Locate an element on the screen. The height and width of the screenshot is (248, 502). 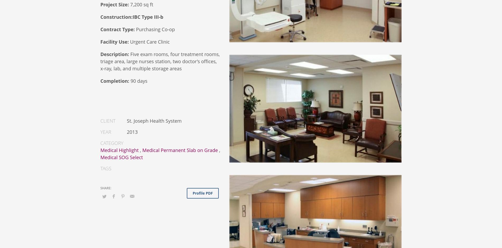
'Contract Type:' is located at coordinates (118, 29).